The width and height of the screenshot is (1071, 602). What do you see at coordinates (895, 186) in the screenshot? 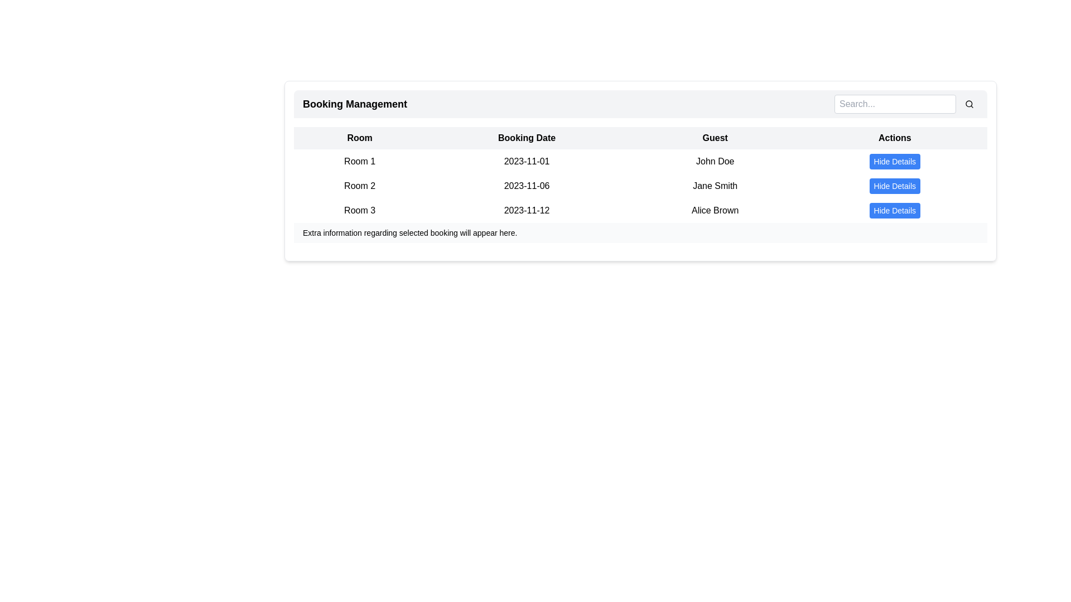
I see `the 'Hide Details' button located in the 'Actions' column for the guest 'Jane Smith' in the Booking Management interface, allowing for keyboard interaction` at bounding box center [895, 186].